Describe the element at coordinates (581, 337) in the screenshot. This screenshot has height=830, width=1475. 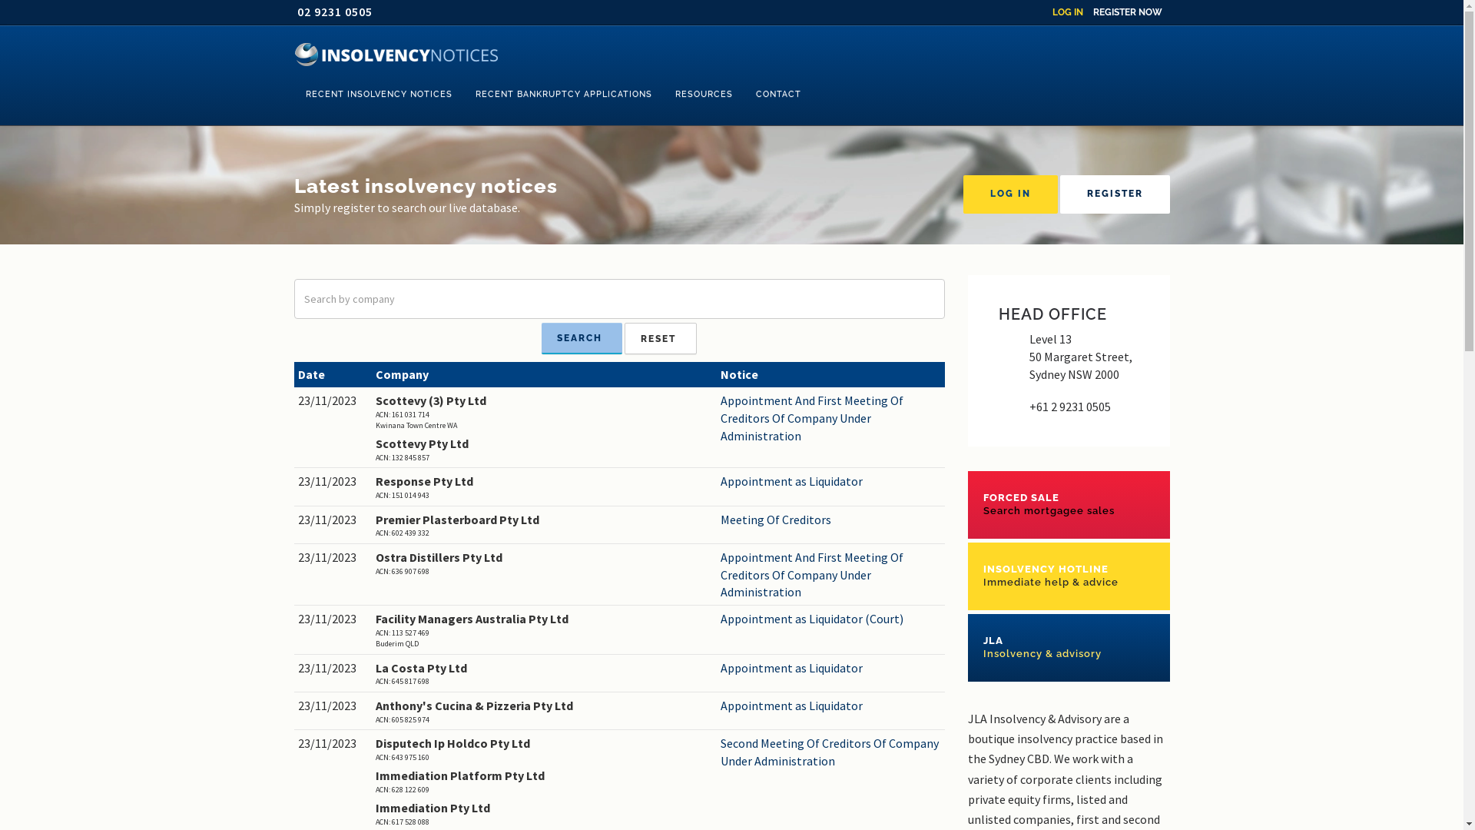
I see `'Search'` at that location.